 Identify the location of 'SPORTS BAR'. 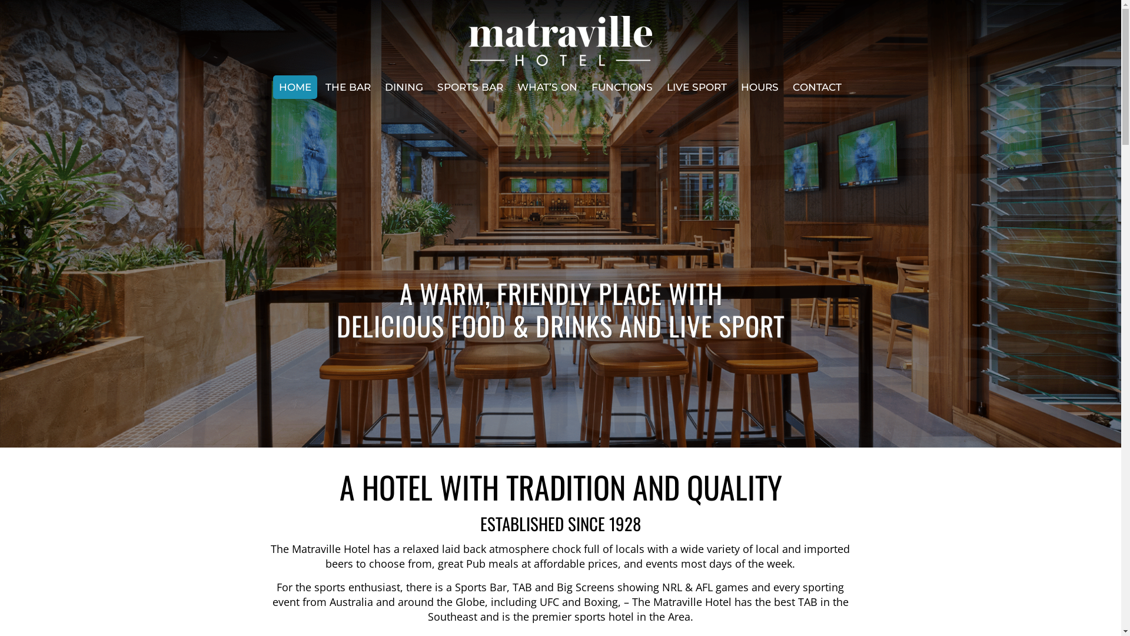
(431, 86).